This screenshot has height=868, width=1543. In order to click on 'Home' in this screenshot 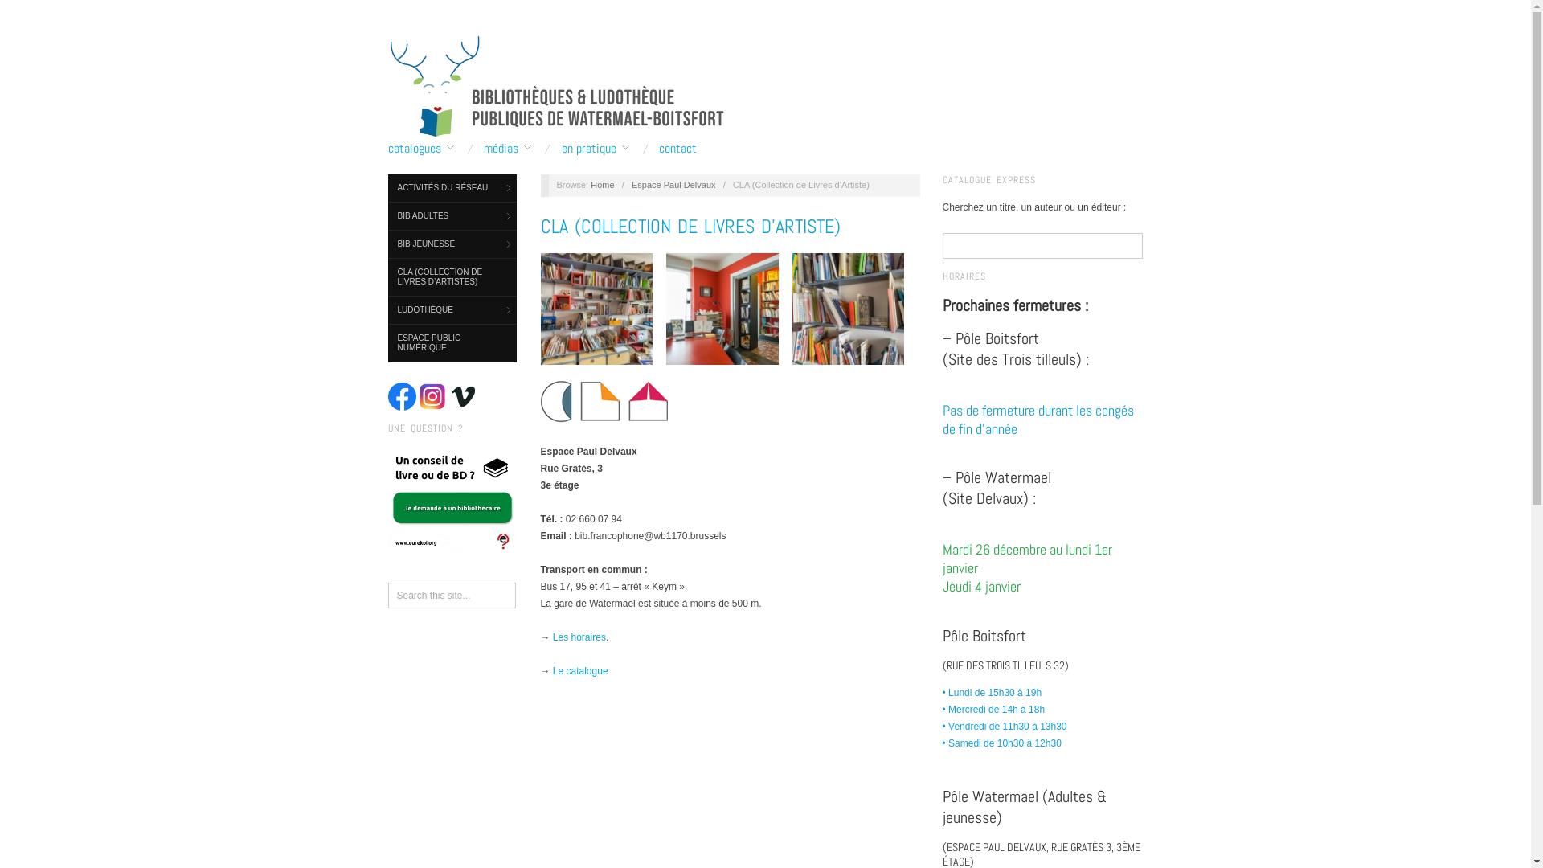, I will do `click(601, 184)`.